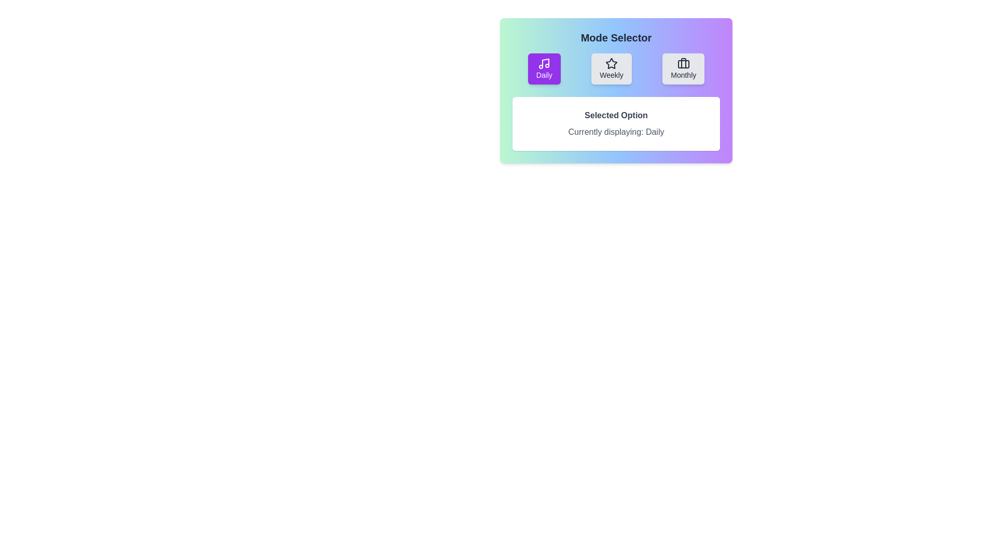 This screenshot has height=560, width=996. I want to click on the briefcase icon located at the top-center of the 'Monthly' button, which is positioned within the mode selector, so click(683, 64).